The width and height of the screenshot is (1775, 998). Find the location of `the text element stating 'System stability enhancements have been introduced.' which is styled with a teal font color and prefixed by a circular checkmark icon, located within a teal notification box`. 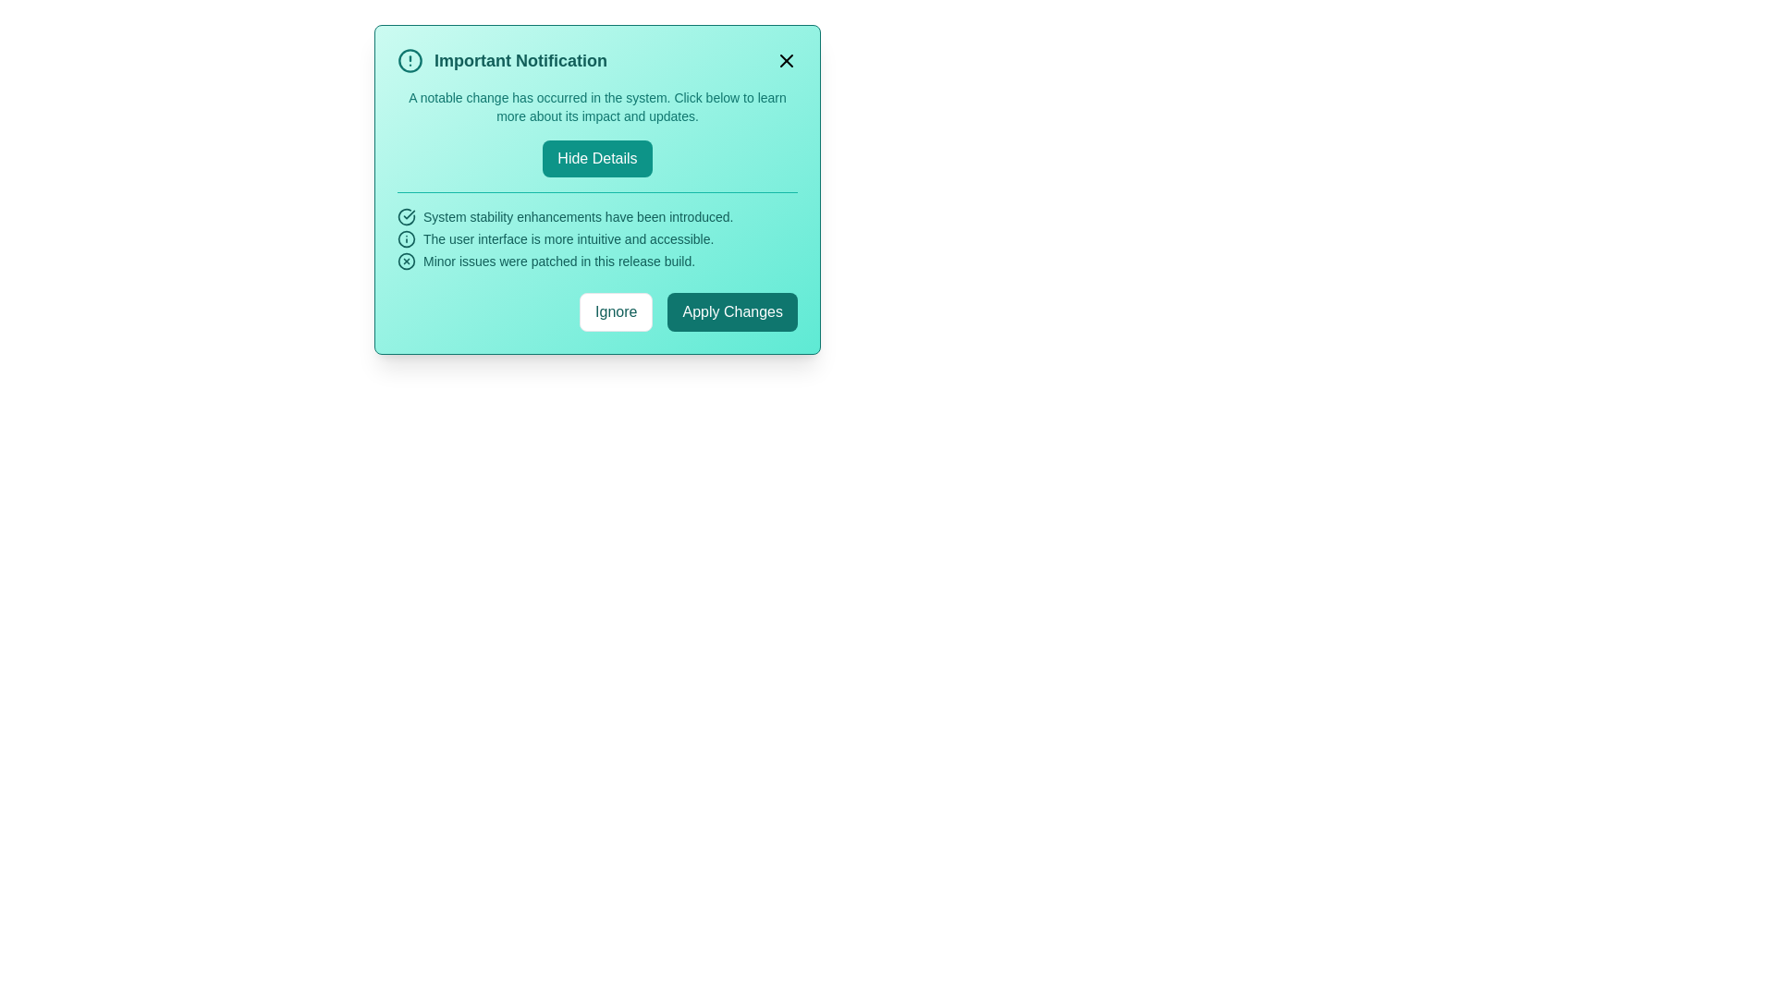

the text element stating 'System stability enhancements have been introduced.' which is styled with a teal font color and prefixed by a circular checkmark icon, located within a teal notification box is located at coordinates (597, 216).